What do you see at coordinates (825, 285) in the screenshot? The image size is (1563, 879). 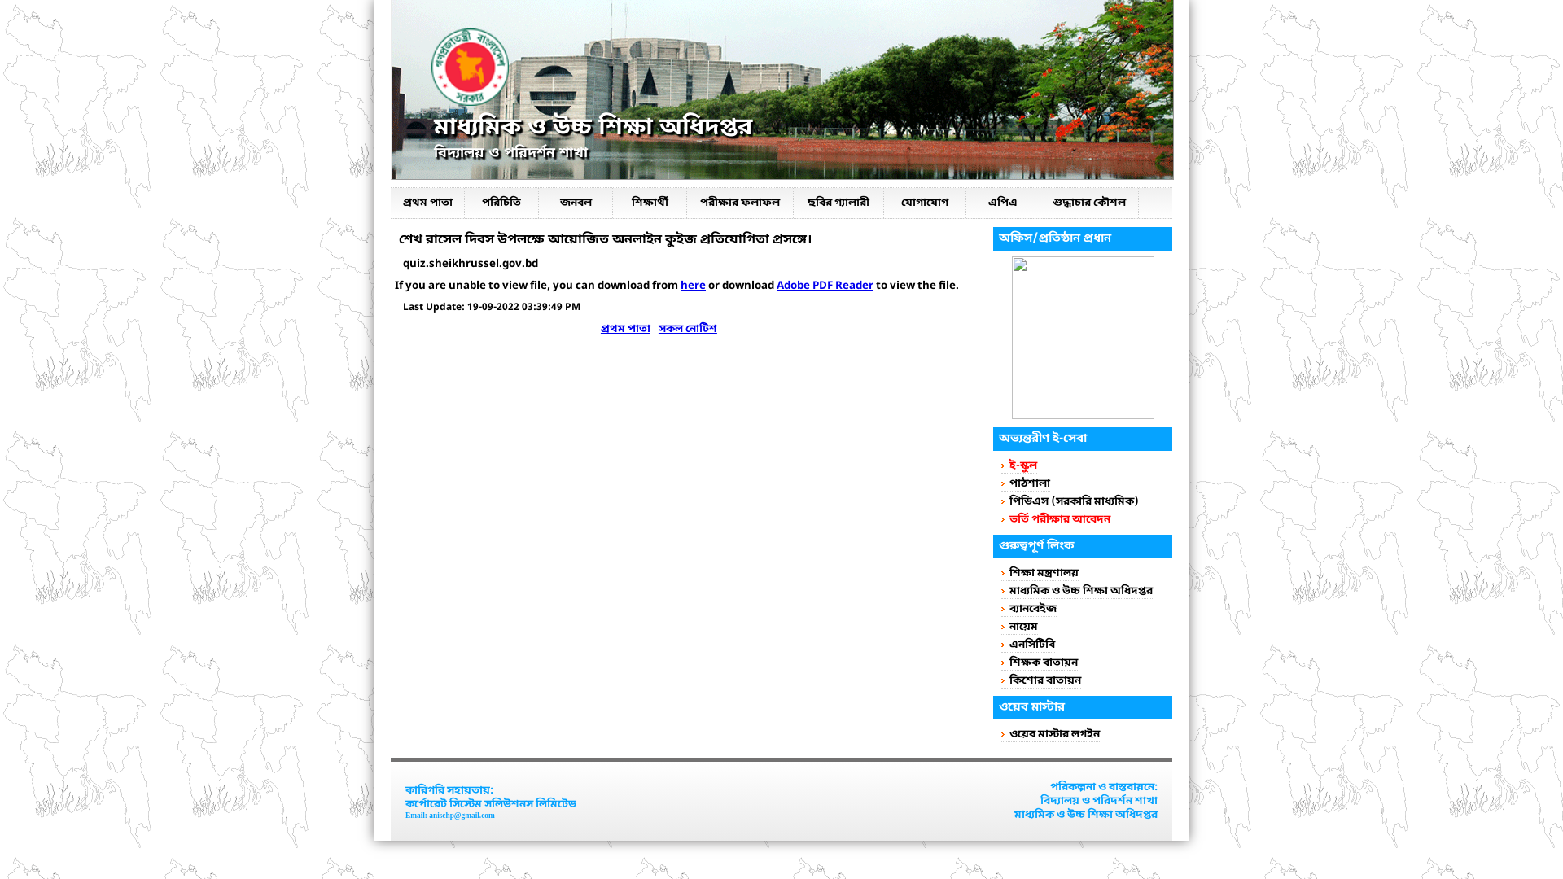 I see `'Adobe PDF Reader'` at bounding box center [825, 285].